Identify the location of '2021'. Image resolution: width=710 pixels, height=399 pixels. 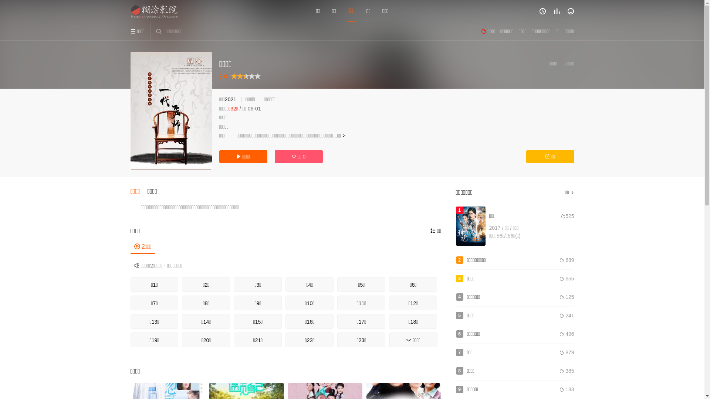
(230, 99).